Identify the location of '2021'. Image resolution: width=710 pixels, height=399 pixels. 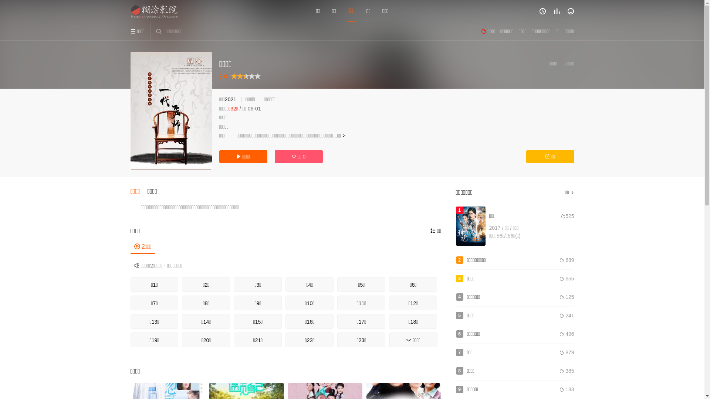
(230, 99).